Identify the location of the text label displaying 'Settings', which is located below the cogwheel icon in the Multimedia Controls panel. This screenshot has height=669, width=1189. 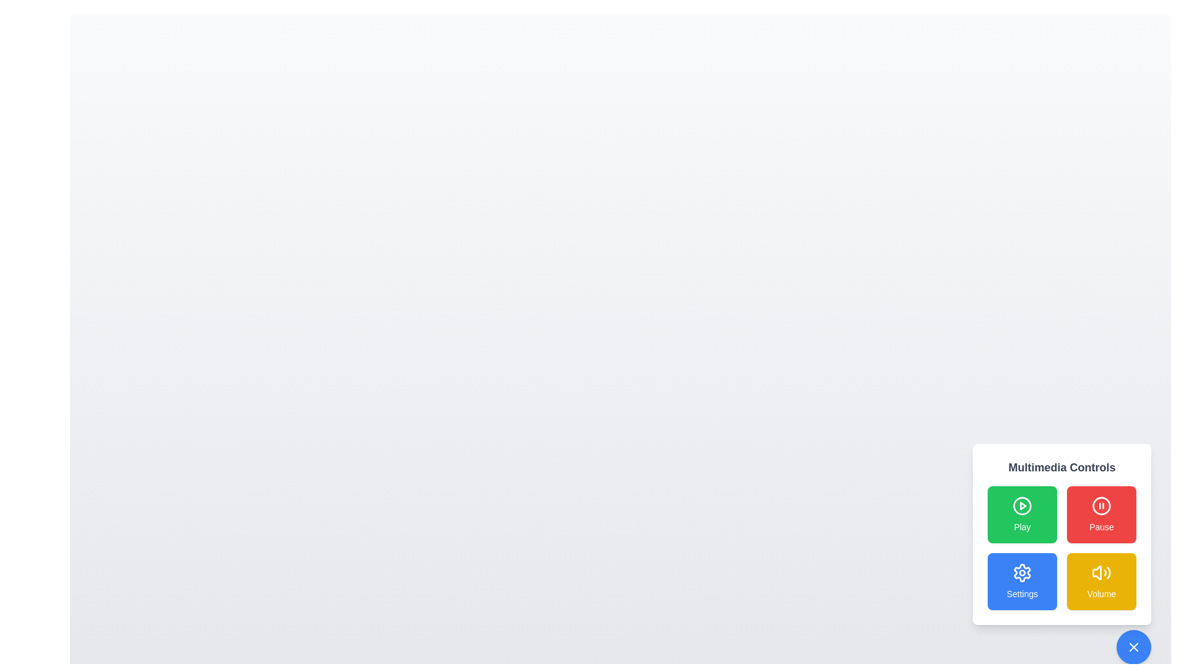
(1022, 593).